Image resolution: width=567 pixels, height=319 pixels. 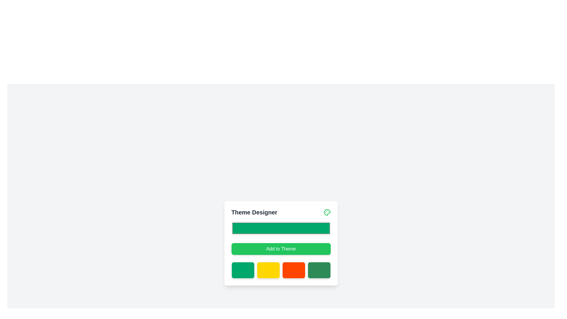 I want to click on the color preview block located in the third position from the left in a grid of four color blocks at the bottom section of the interface, so click(x=294, y=270).